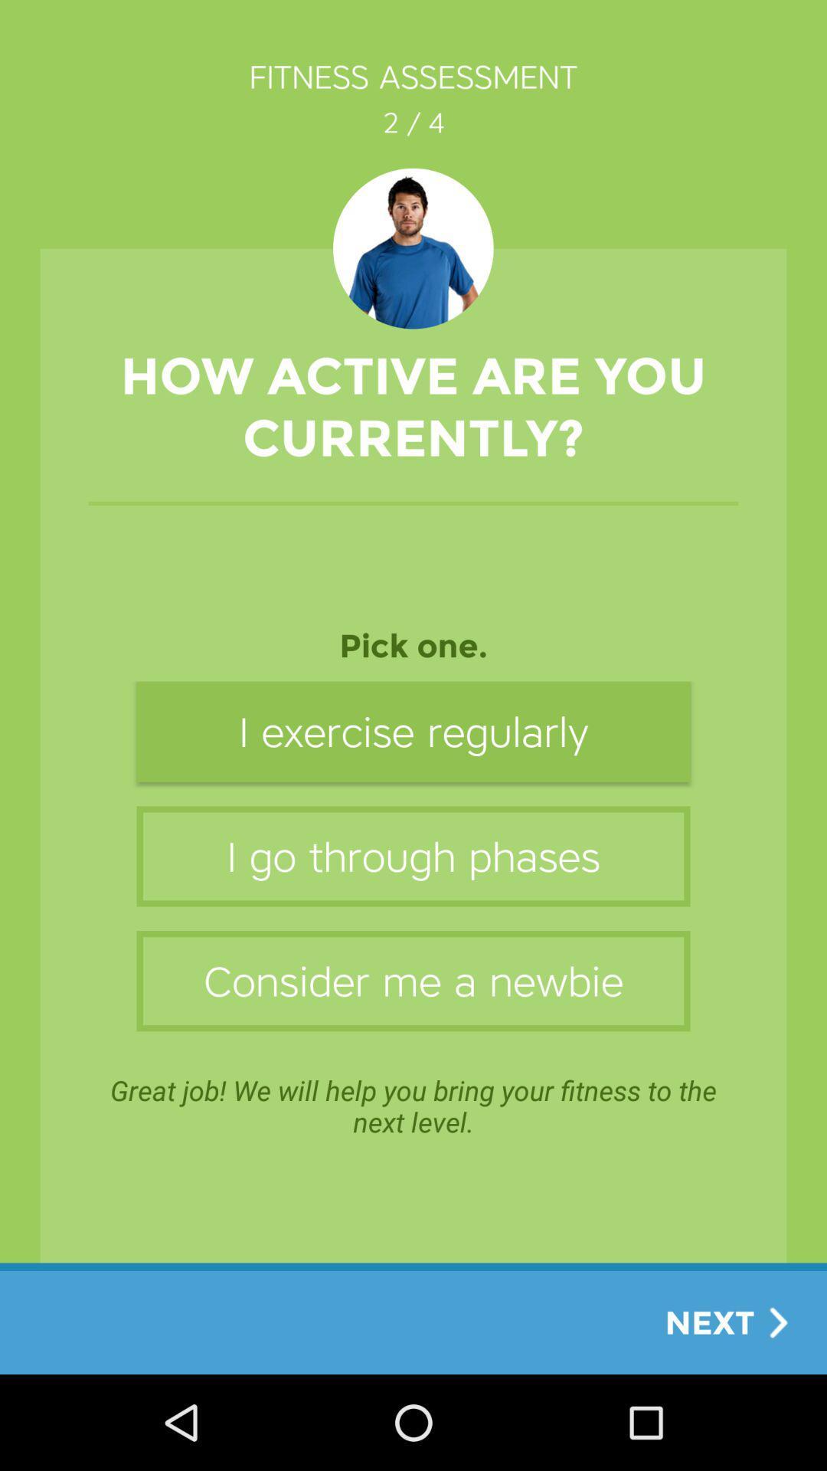 This screenshot has width=827, height=1471. I want to click on the item below i go through item, so click(413, 981).